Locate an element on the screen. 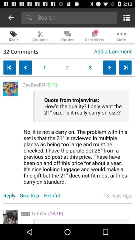 Image resolution: width=135 pixels, height=240 pixels. item next to the 1 icon is located at coordinates (67, 66).